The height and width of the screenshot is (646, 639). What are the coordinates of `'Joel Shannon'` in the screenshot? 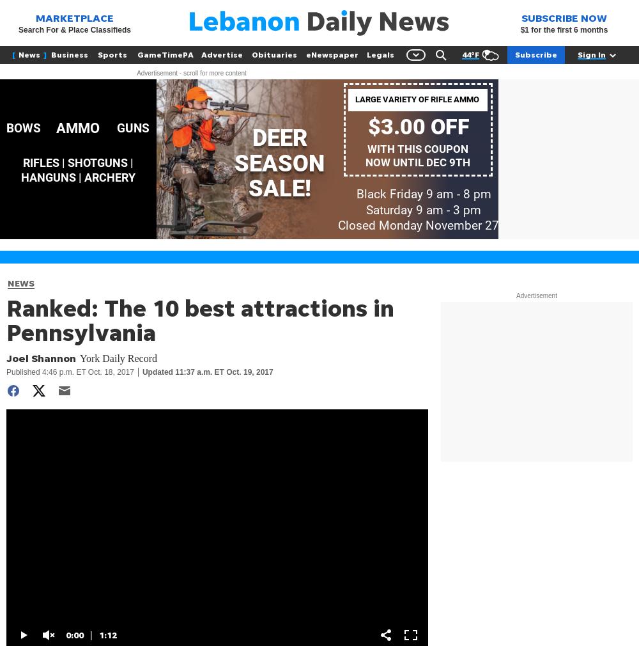 It's located at (40, 358).